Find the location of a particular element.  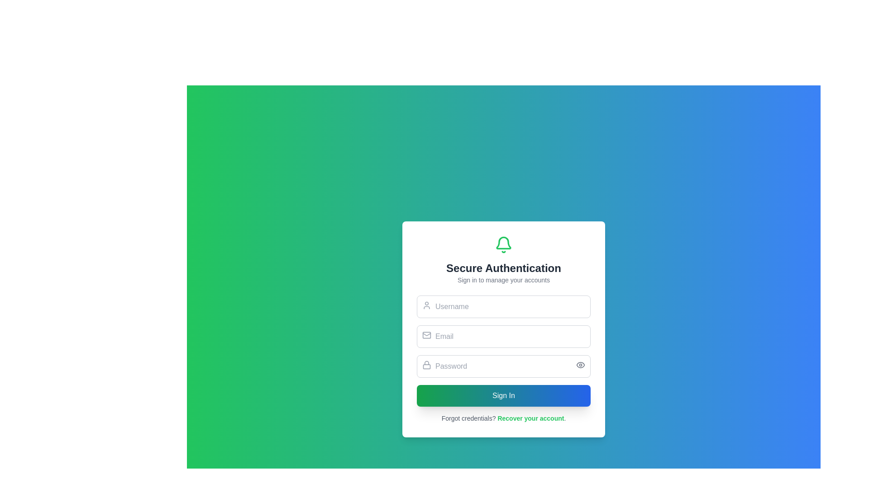

to select the email input field located centrally within the form panel, positioned below the Username field and above the Password field is located at coordinates (503, 329).